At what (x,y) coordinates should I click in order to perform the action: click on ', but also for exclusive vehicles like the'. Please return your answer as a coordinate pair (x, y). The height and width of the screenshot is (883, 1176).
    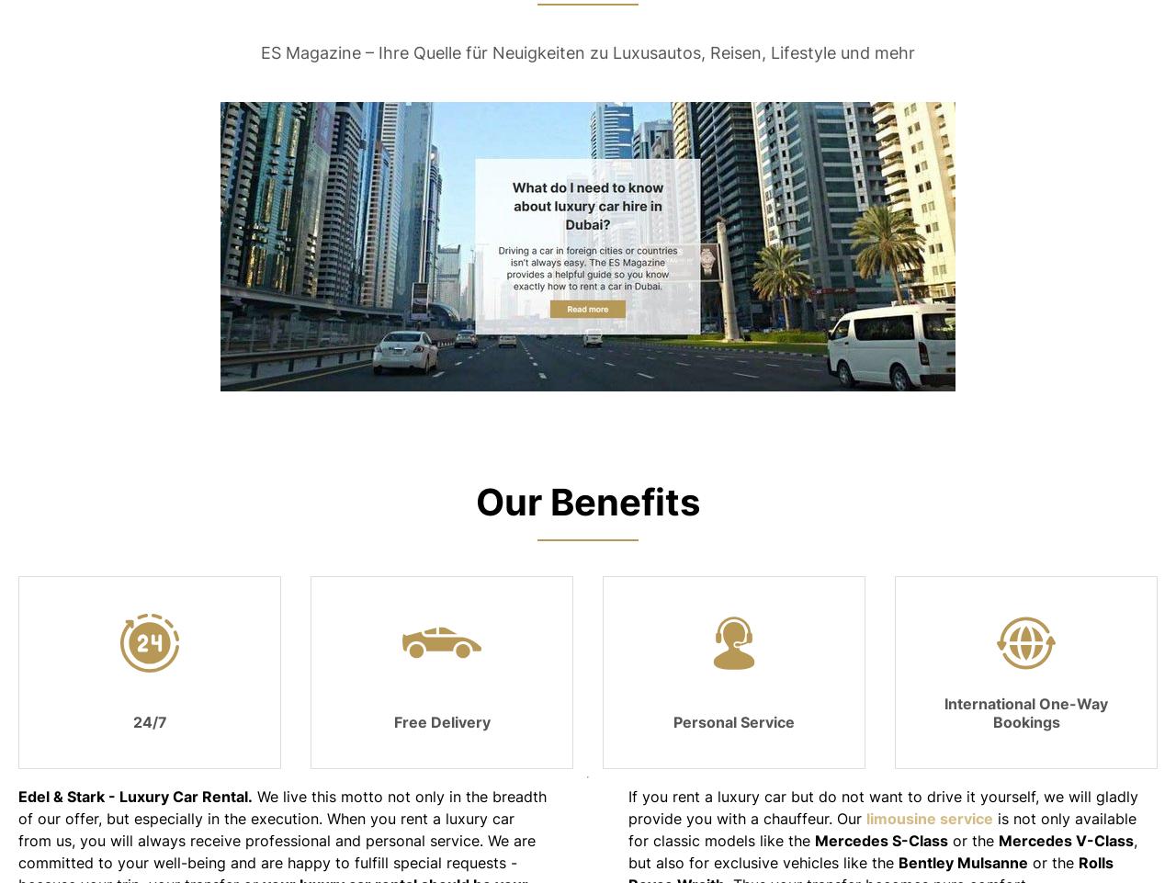
    Looking at the image, I should click on (628, 851).